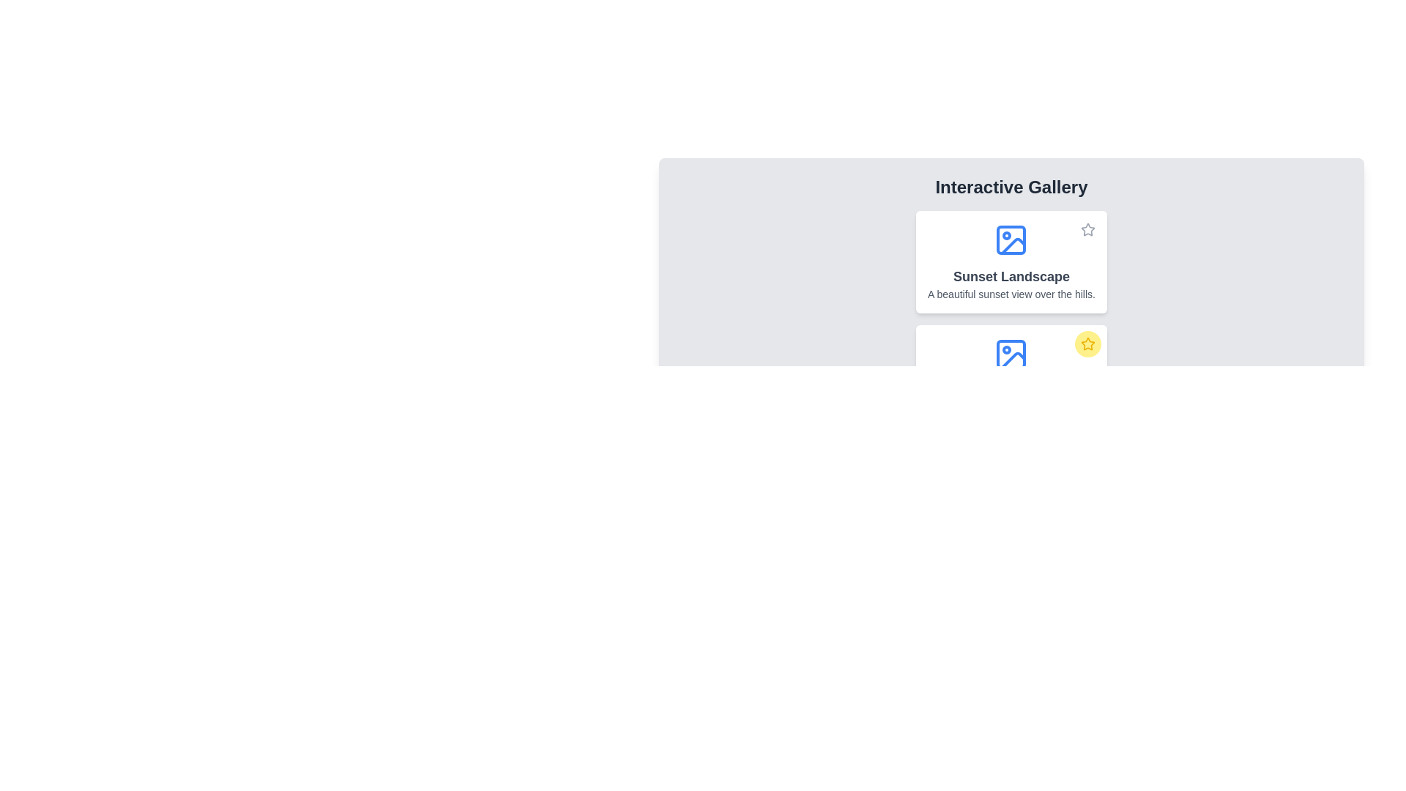 The height and width of the screenshot is (791, 1406). I want to click on the star-shaped button with a hollow interior, located at the top-right corner of the 'Sunset Landscape' card, so click(1087, 229).